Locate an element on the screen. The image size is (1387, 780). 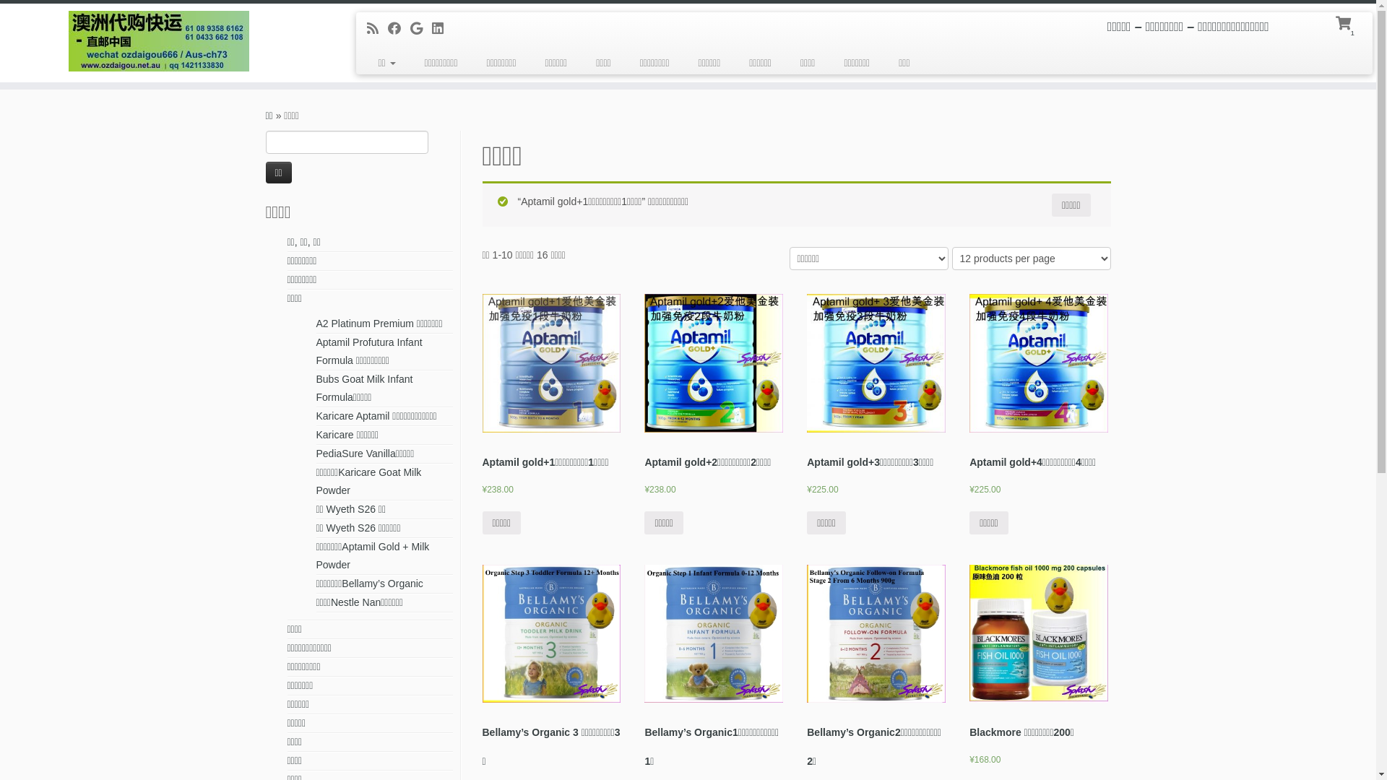
'Follow me on Google+' is located at coordinates (420, 28).